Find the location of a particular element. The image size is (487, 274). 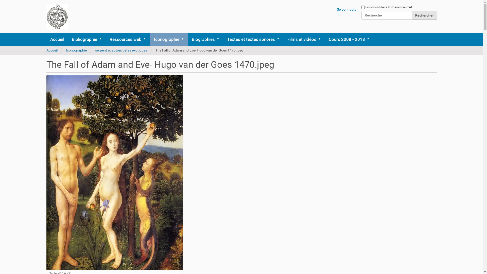

'Iconographie' is located at coordinates (76, 50).